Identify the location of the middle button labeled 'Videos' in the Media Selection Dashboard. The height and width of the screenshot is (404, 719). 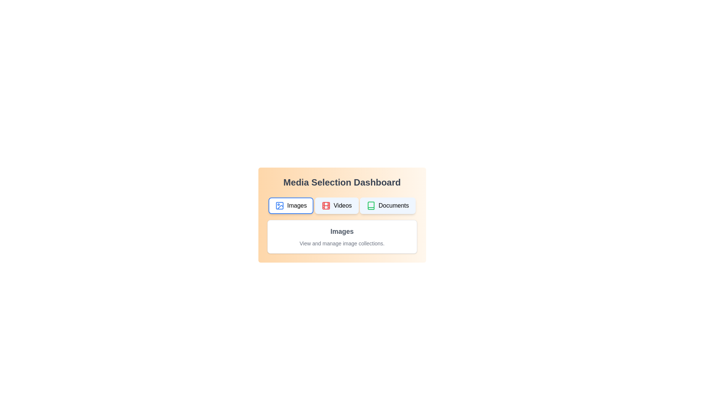
(342, 206).